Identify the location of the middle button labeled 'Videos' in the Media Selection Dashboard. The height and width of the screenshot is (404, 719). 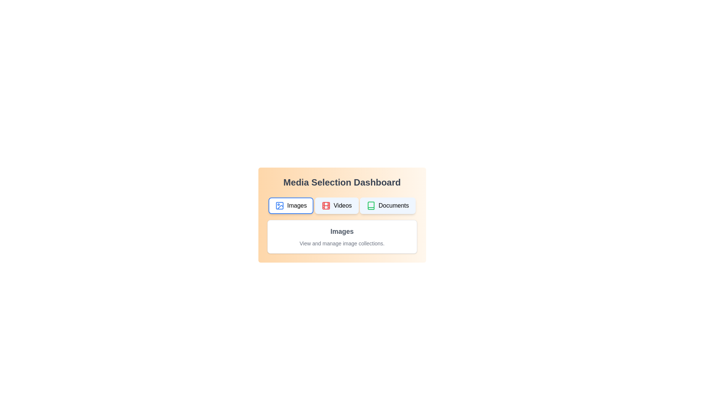
(342, 206).